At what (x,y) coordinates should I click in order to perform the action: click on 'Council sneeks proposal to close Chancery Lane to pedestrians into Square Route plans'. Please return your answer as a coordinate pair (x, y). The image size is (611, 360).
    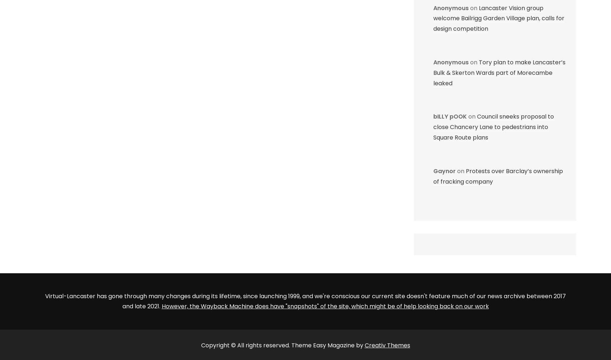
    Looking at the image, I should click on (493, 127).